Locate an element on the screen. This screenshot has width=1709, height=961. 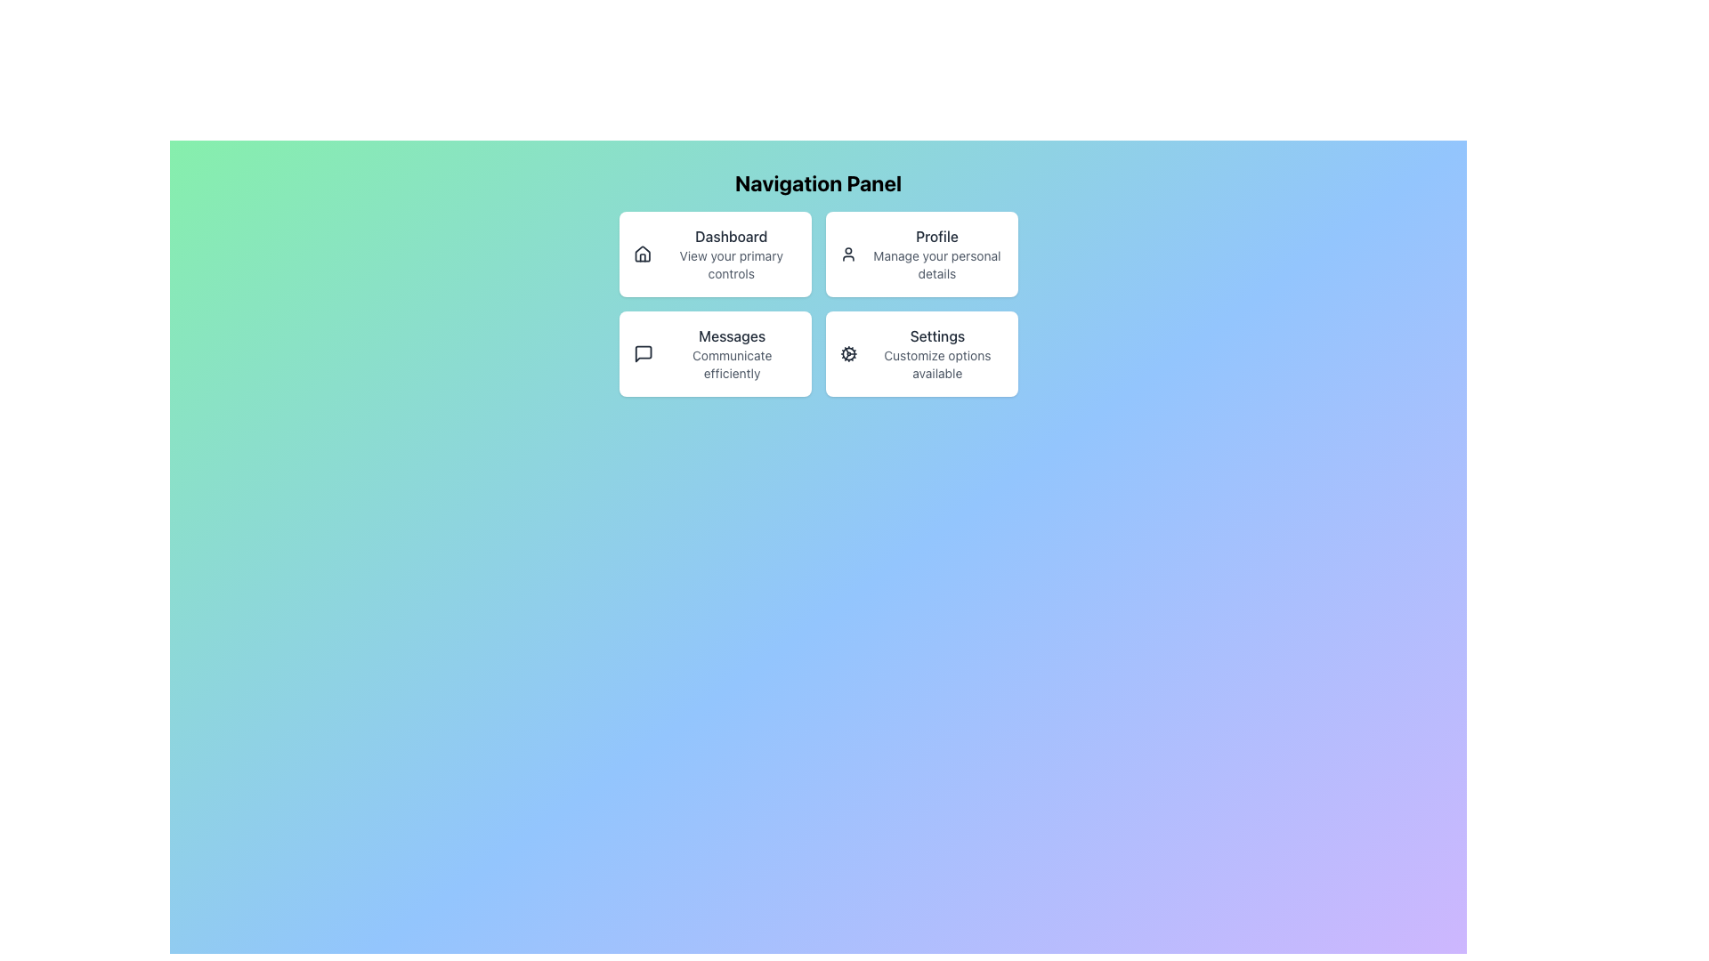
the Dashboard icon, which is a visual indicator on the navigation panel, positioned to the far left and vertically centered with the text 'Dashboard: View your primary controls' is located at coordinates (641, 254).